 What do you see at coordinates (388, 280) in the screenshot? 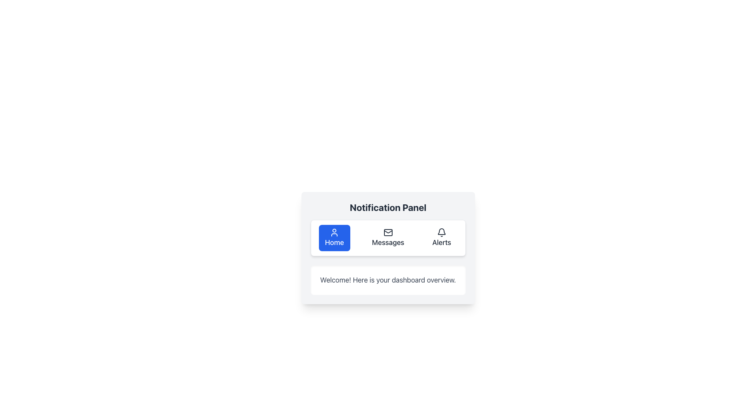
I see `the static welcome message text located in the center of the dashboard interface, below the interactive buttons 'Home', 'Messages', and 'Alerts'` at bounding box center [388, 280].